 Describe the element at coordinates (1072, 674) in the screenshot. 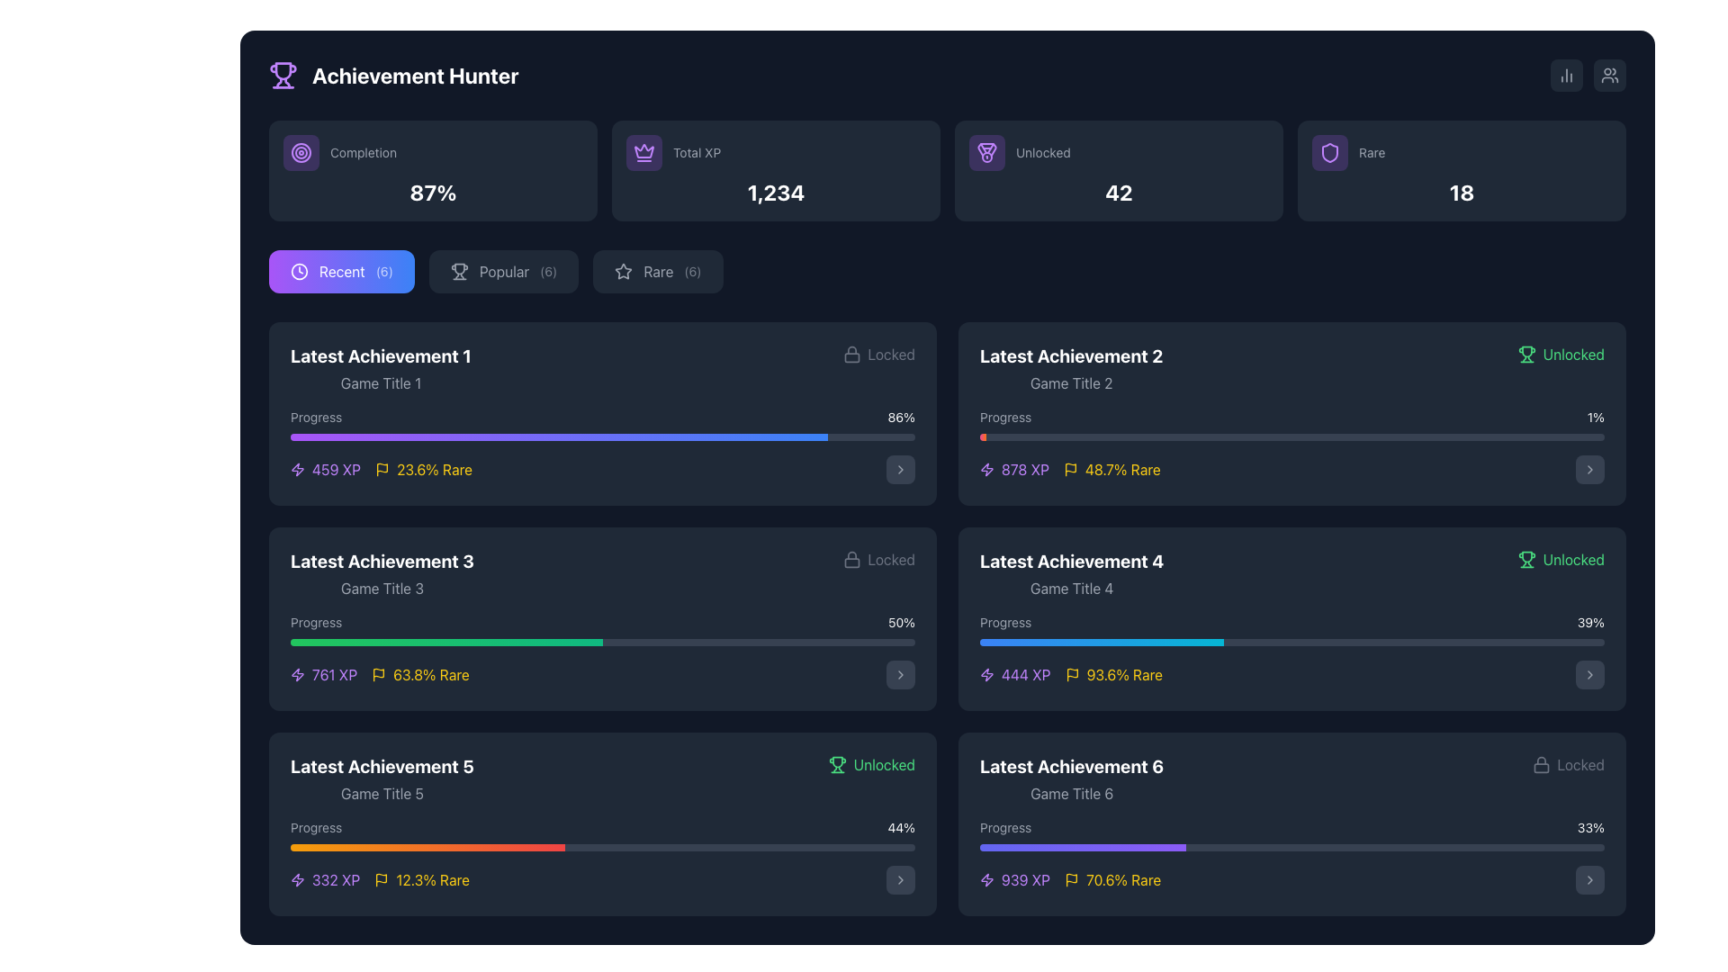

I see `the yellow flag icon located to the left of the '93.6% Rare' text in the 'Latest Achievement 4' section of the achievement list` at that location.